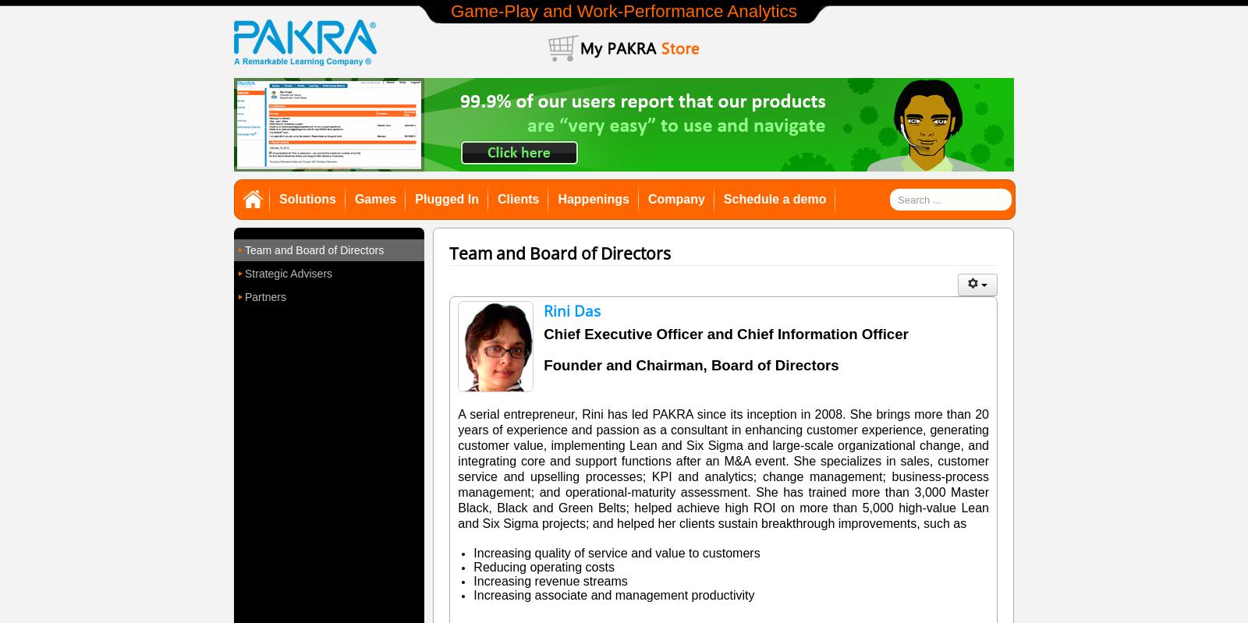 The image size is (1248, 623). I want to click on 'Partners', so click(245, 296).